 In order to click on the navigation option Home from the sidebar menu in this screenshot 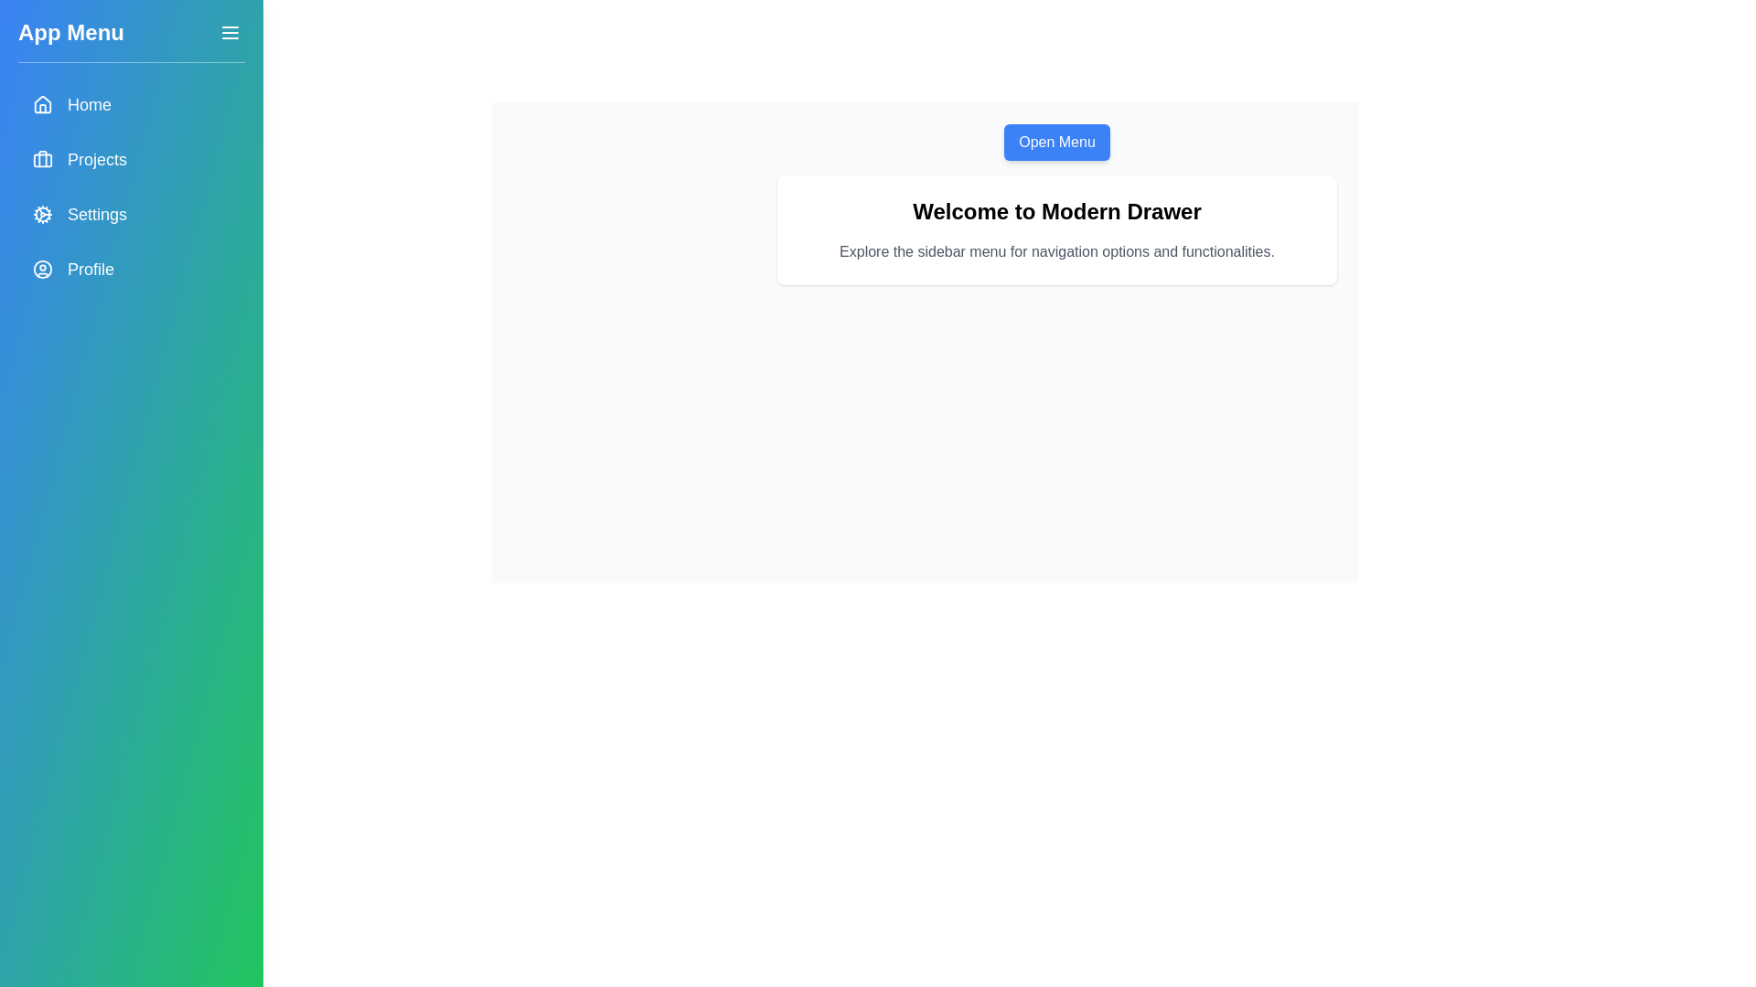, I will do `click(131, 105)`.